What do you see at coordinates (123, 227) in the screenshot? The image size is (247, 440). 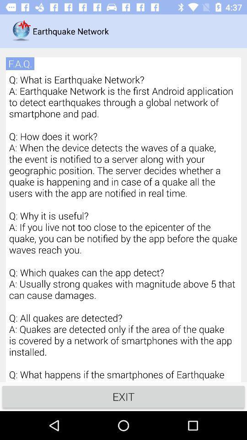 I see `the item below the f.a.q. item` at bounding box center [123, 227].